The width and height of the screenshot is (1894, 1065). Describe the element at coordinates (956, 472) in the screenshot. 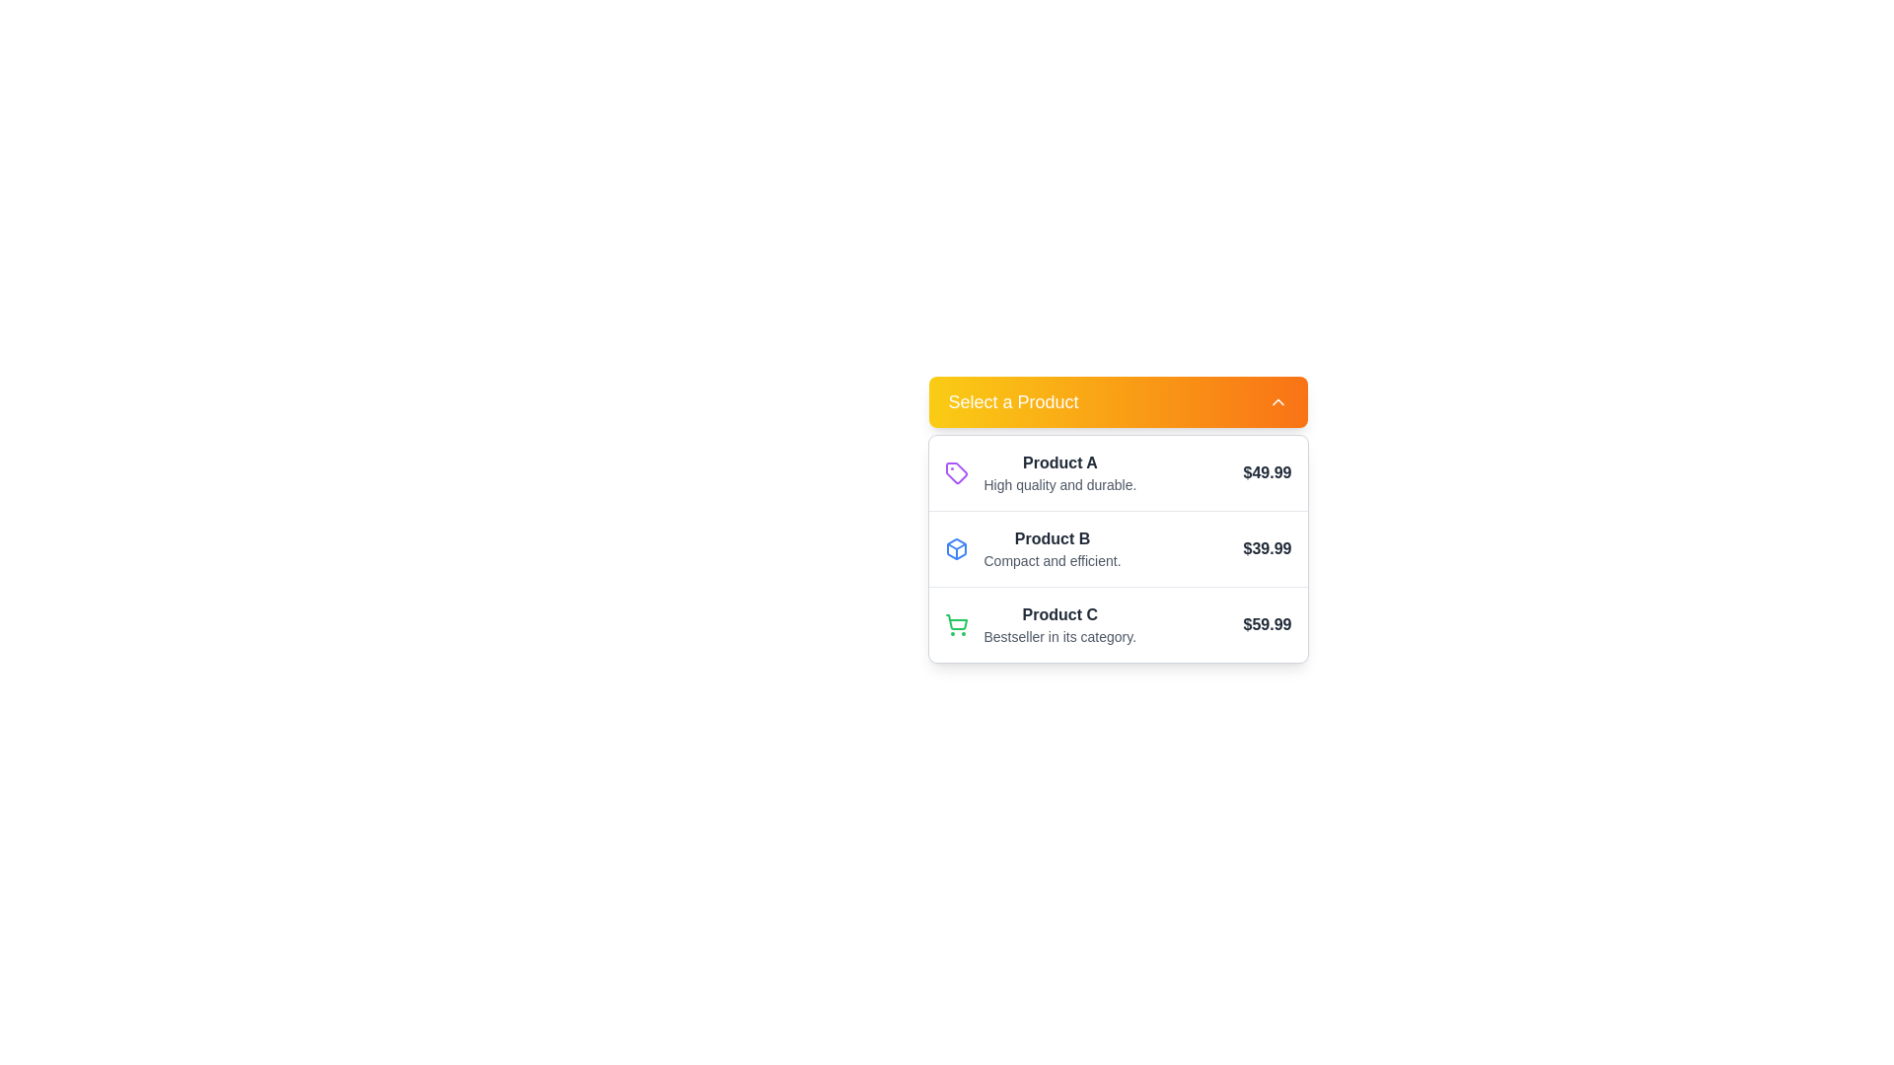

I see `the icon representing 'Product A', located at the leftmost side of the product row above the price '$49.99'` at that location.